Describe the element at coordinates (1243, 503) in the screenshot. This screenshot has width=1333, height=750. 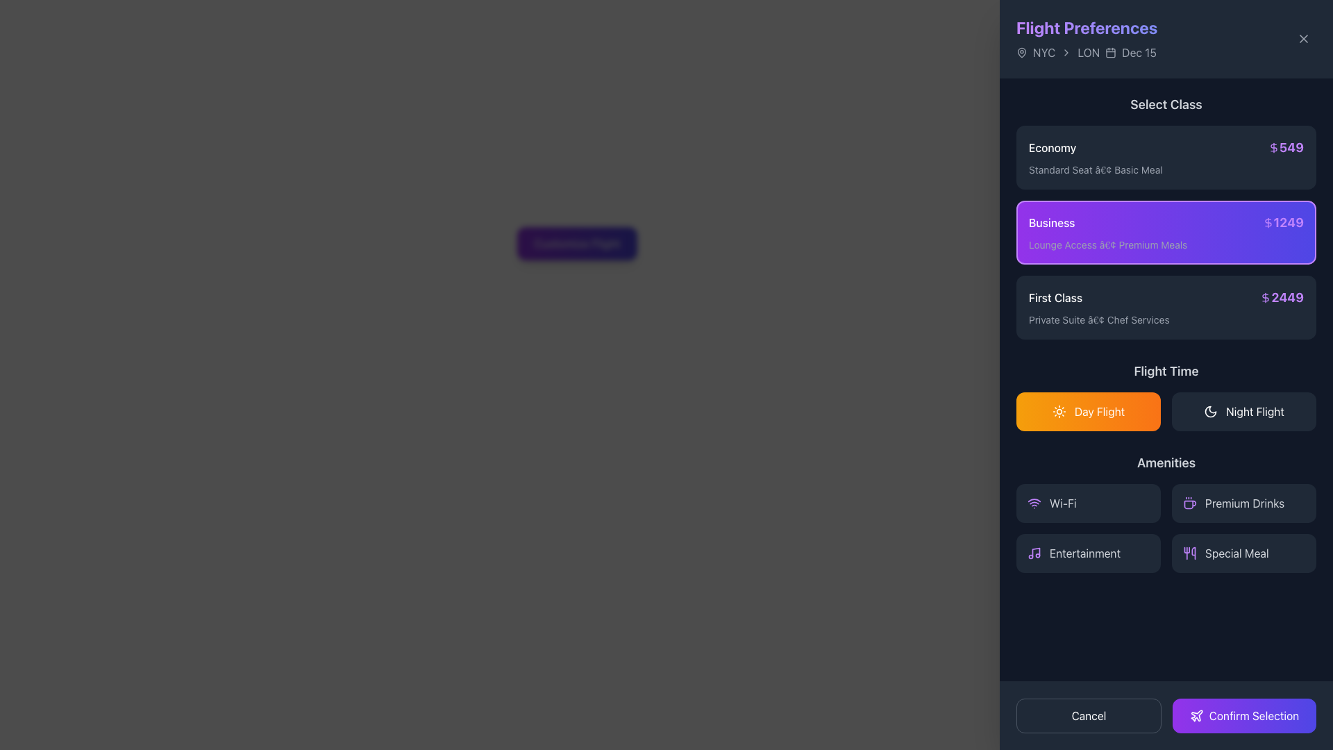
I see `the 'Premium Drinks' button, which is a rectangular button with a dark background, rounded corners, a purple coffee cup icon on the left, and gray text on the right, located in the 'Amenities' section` at that location.